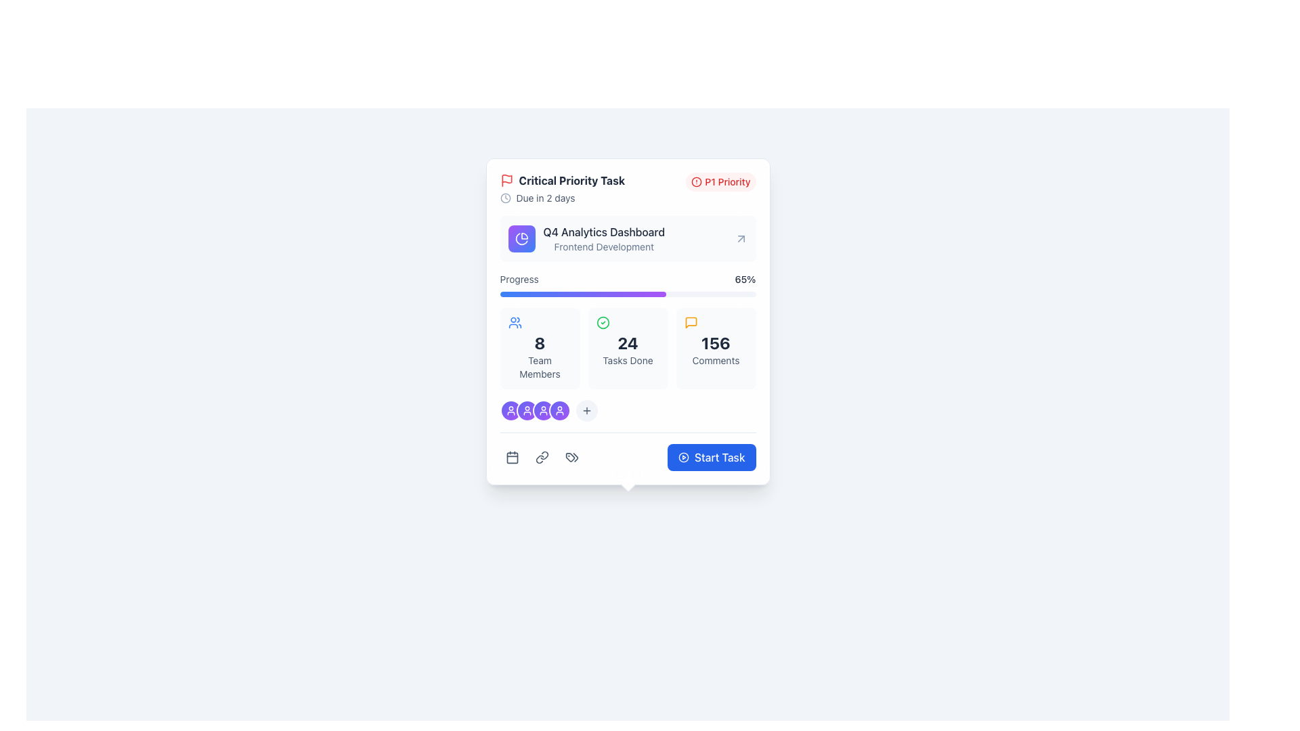 The width and height of the screenshot is (1300, 731). Describe the element at coordinates (627, 348) in the screenshot. I see `displayed information on the Informative Card that shows the number of tasks completed, which is '24', positioned at the center of a grid between the '8 Team Members' card and the '156 Comments' card` at that location.